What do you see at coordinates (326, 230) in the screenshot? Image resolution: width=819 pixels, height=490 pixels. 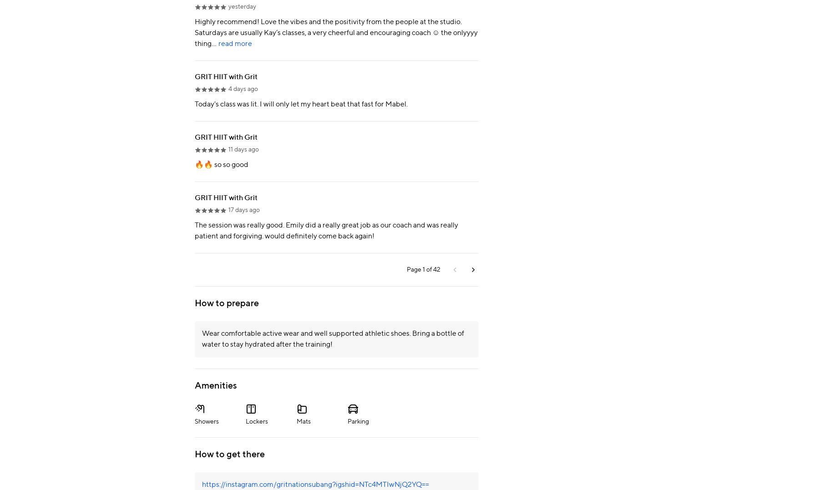 I see `'The session was really good. Emily did a really great job as our coach and was really patient and forgiving. would definitely come back again!'` at bounding box center [326, 230].